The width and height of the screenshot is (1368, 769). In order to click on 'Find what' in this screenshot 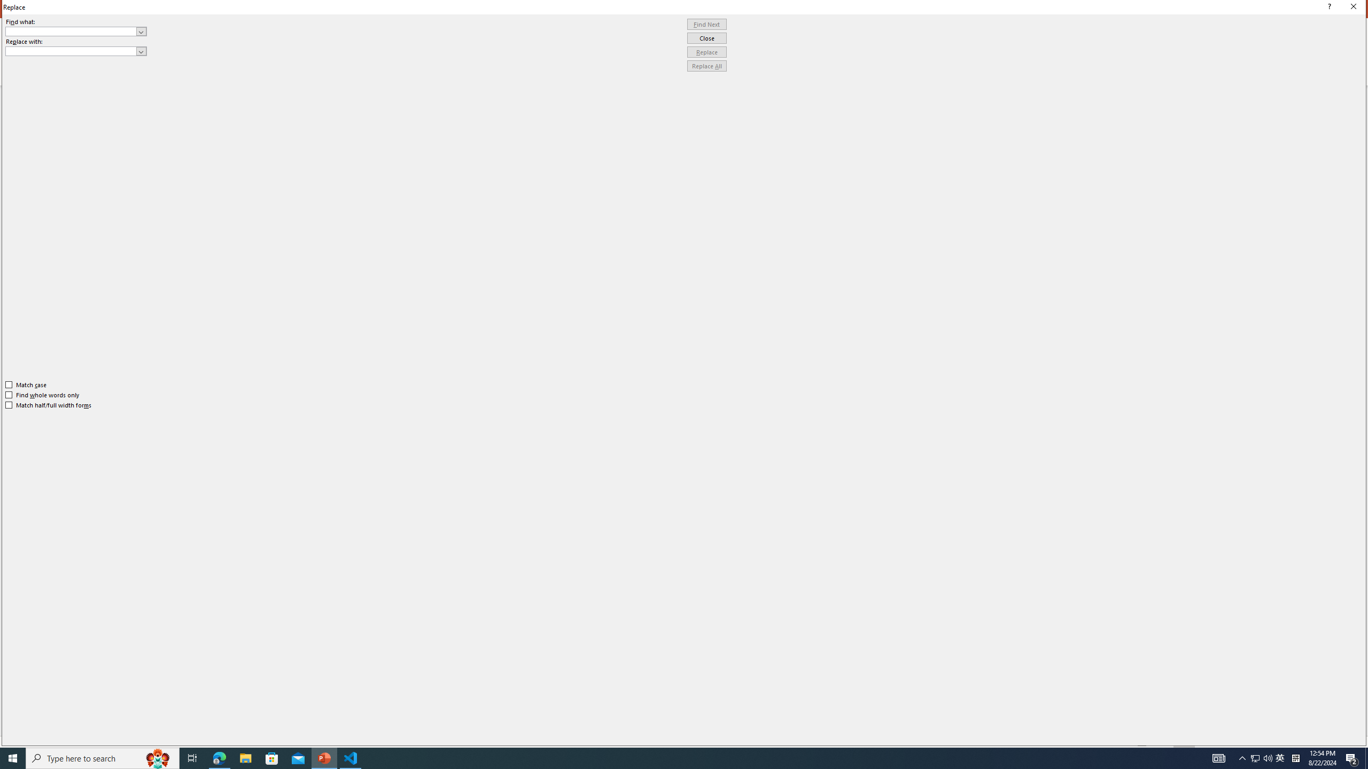, I will do `click(76, 31)`.